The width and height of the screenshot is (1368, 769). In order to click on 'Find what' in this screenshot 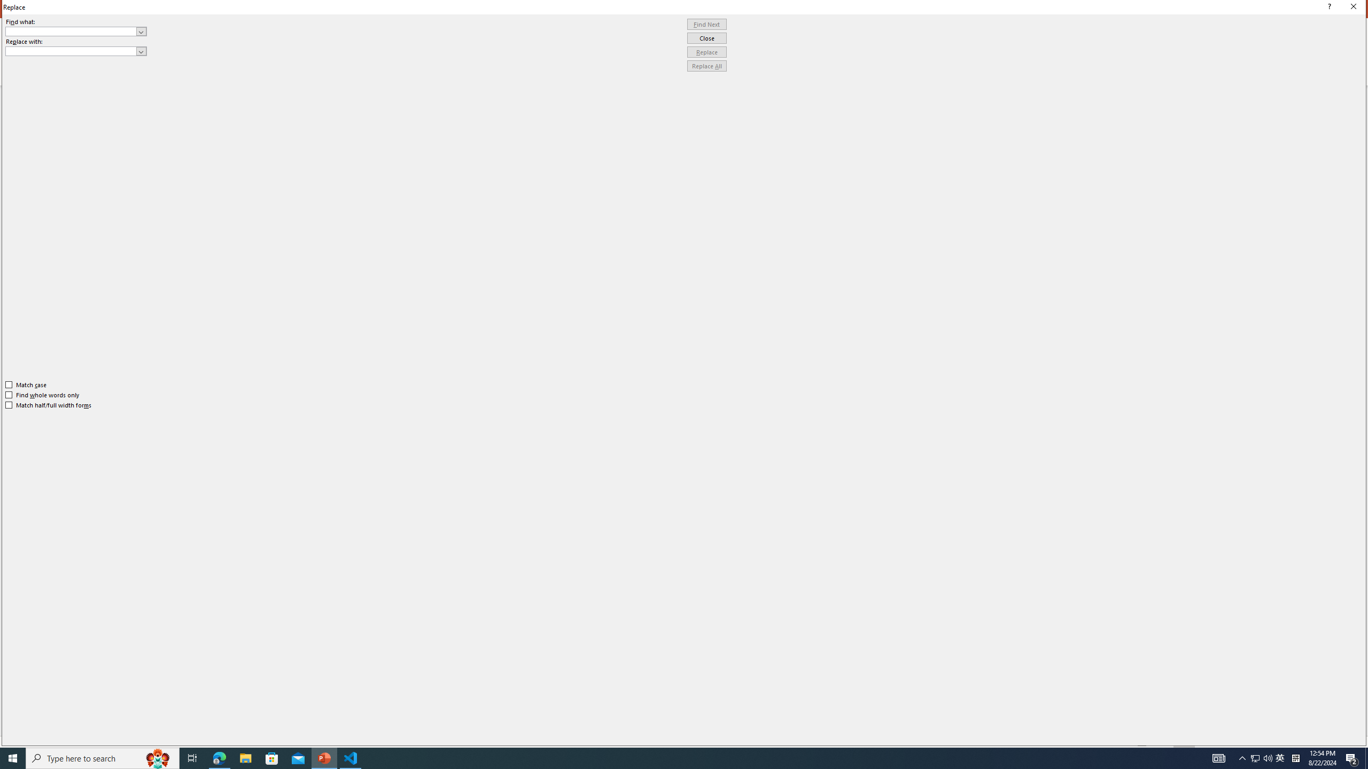, I will do `click(76, 31)`.